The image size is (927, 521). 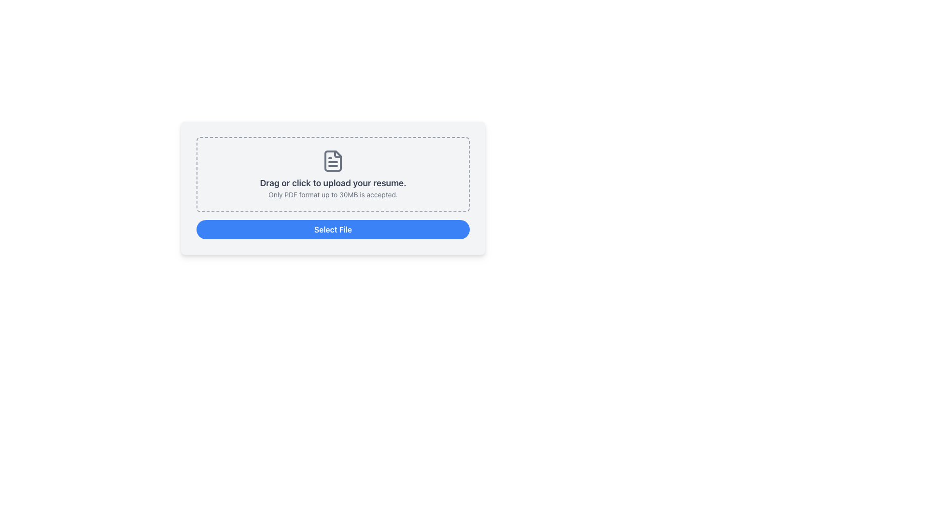 What do you see at coordinates (333, 183) in the screenshot?
I see `the text label that reads 'Drag or click to upload your resume.' which is styled in a gray shade and is centrally positioned below the graphical file icon` at bounding box center [333, 183].